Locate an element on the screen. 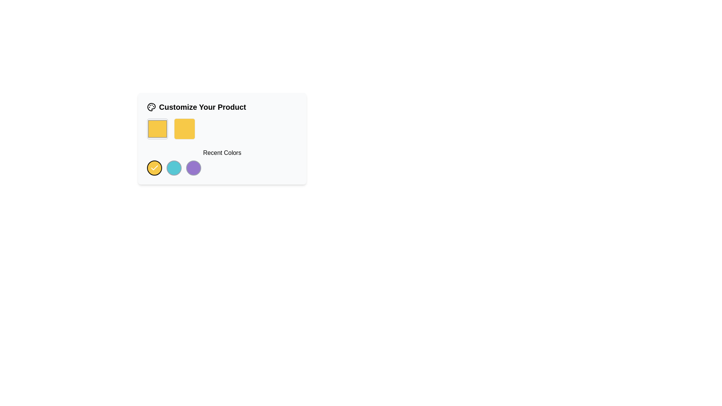 This screenshot has height=406, width=722. the checkmark icon located inside the yellow circular button in the 'Recent Colors' section under the 'Customize Your Product' panel is located at coordinates (154, 168).